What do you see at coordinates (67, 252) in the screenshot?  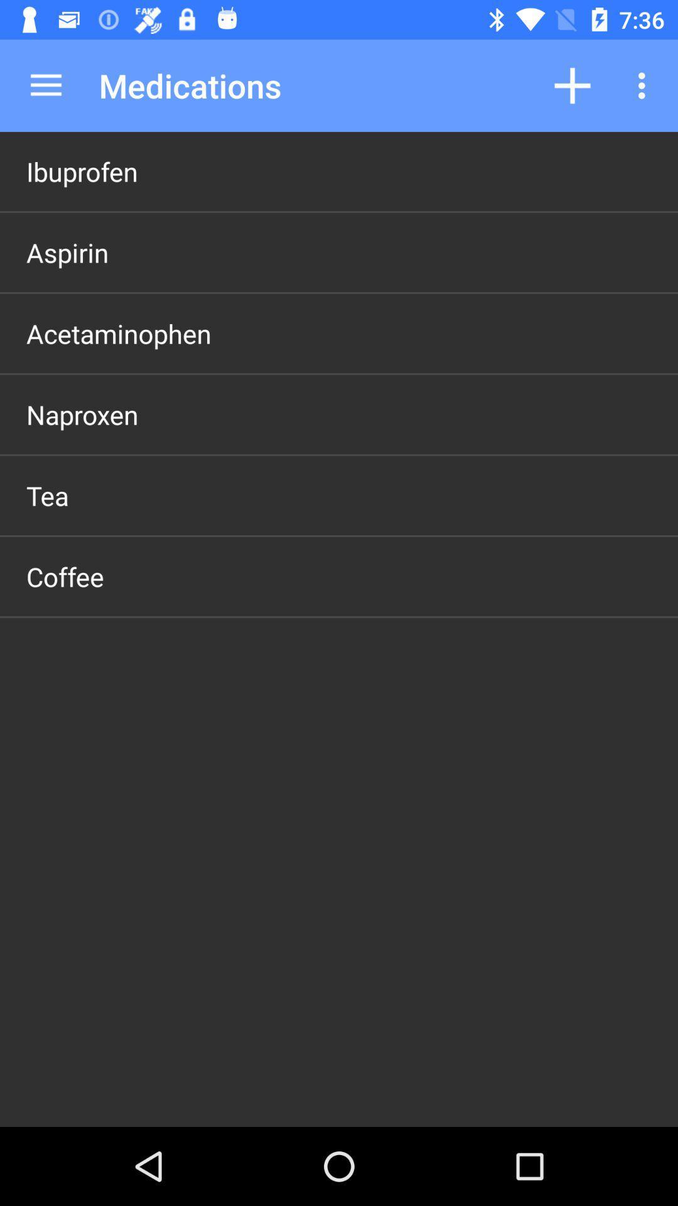 I see `aspirin item` at bounding box center [67, 252].